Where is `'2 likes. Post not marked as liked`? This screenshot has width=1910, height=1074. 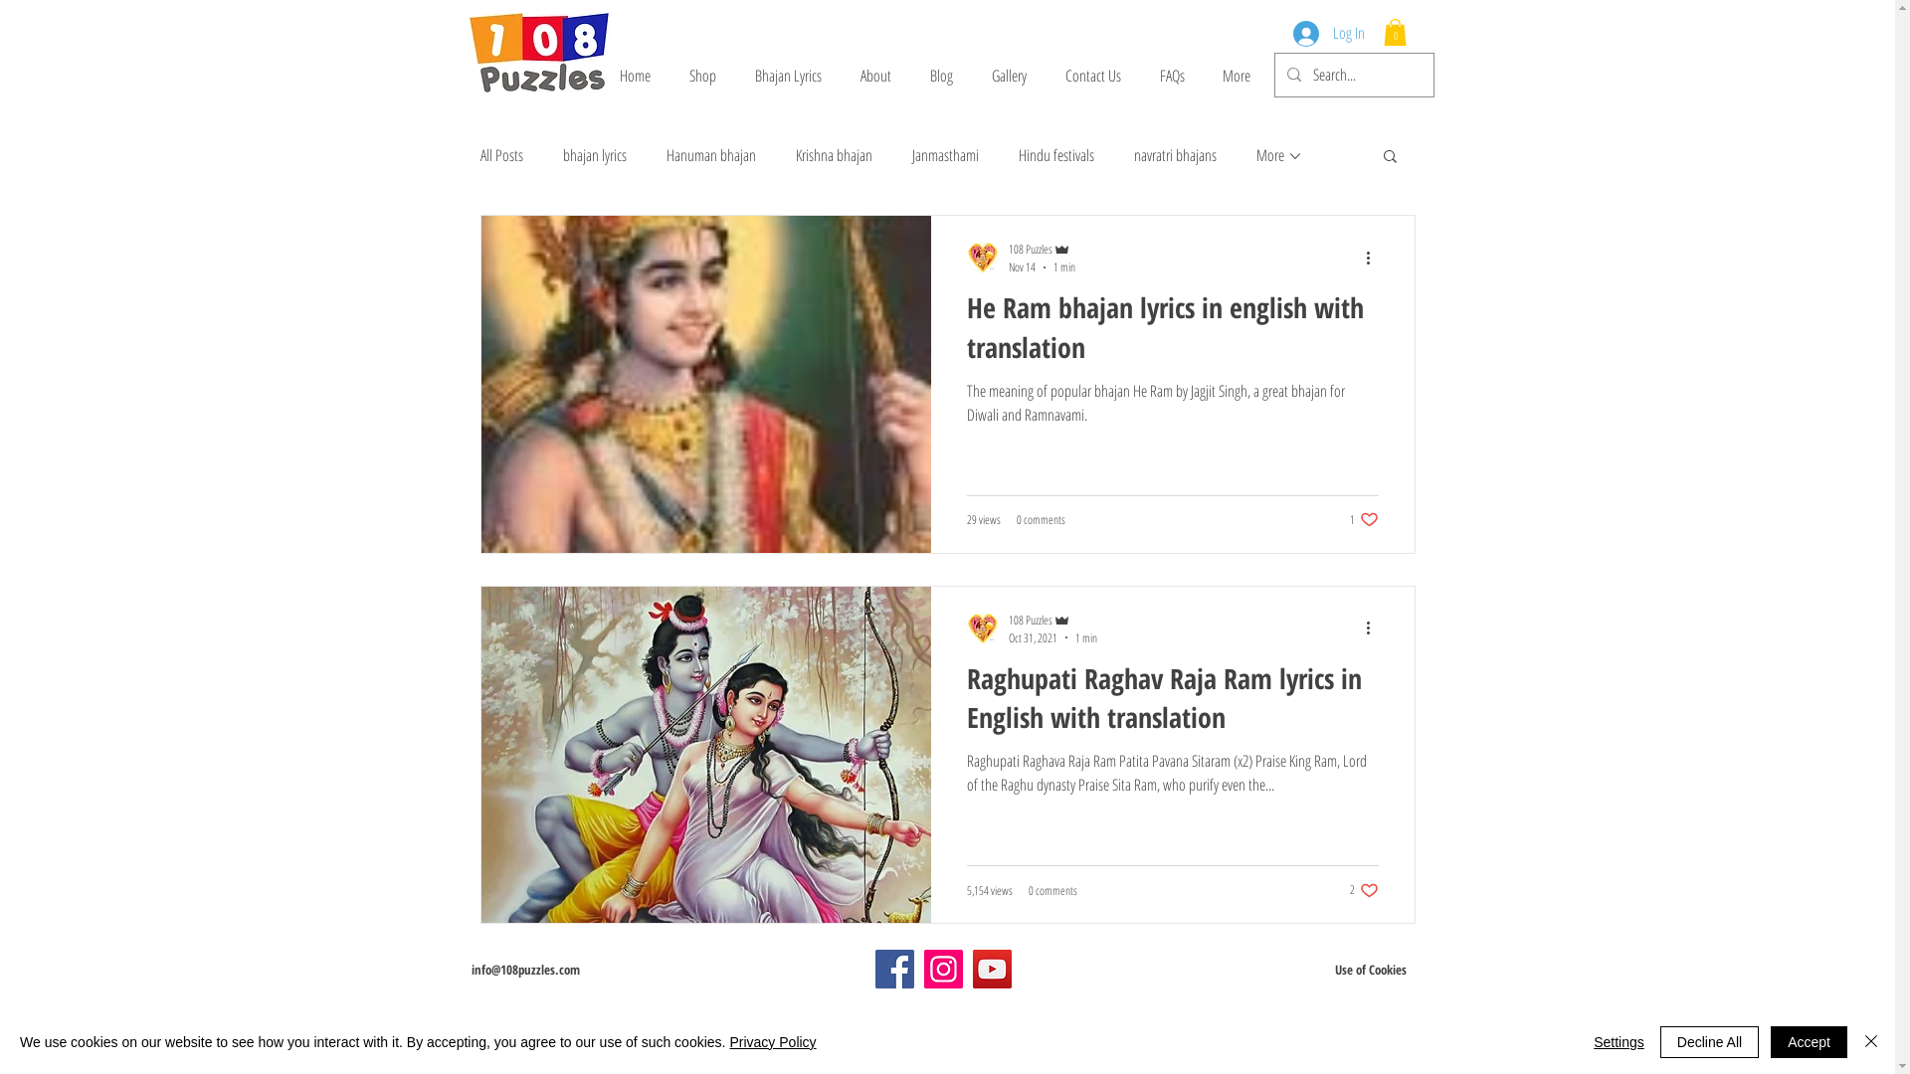
'2 likes. Post not marked as liked is located at coordinates (1362, 889).